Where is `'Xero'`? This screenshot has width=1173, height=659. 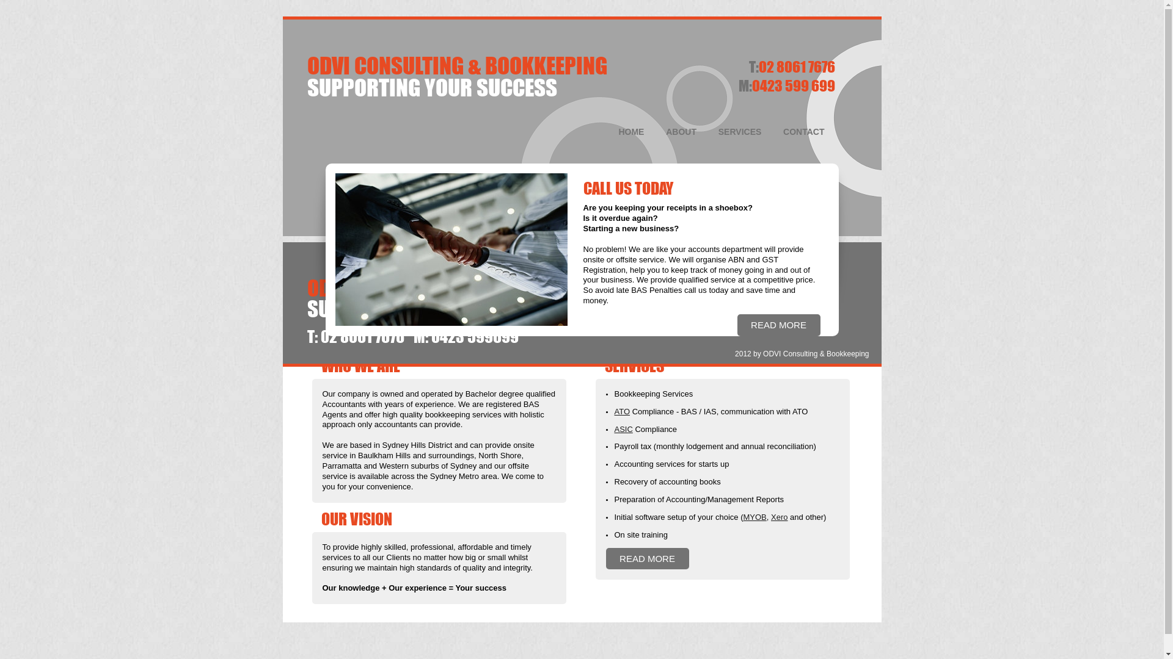 'Xero' is located at coordinates (770, 517).